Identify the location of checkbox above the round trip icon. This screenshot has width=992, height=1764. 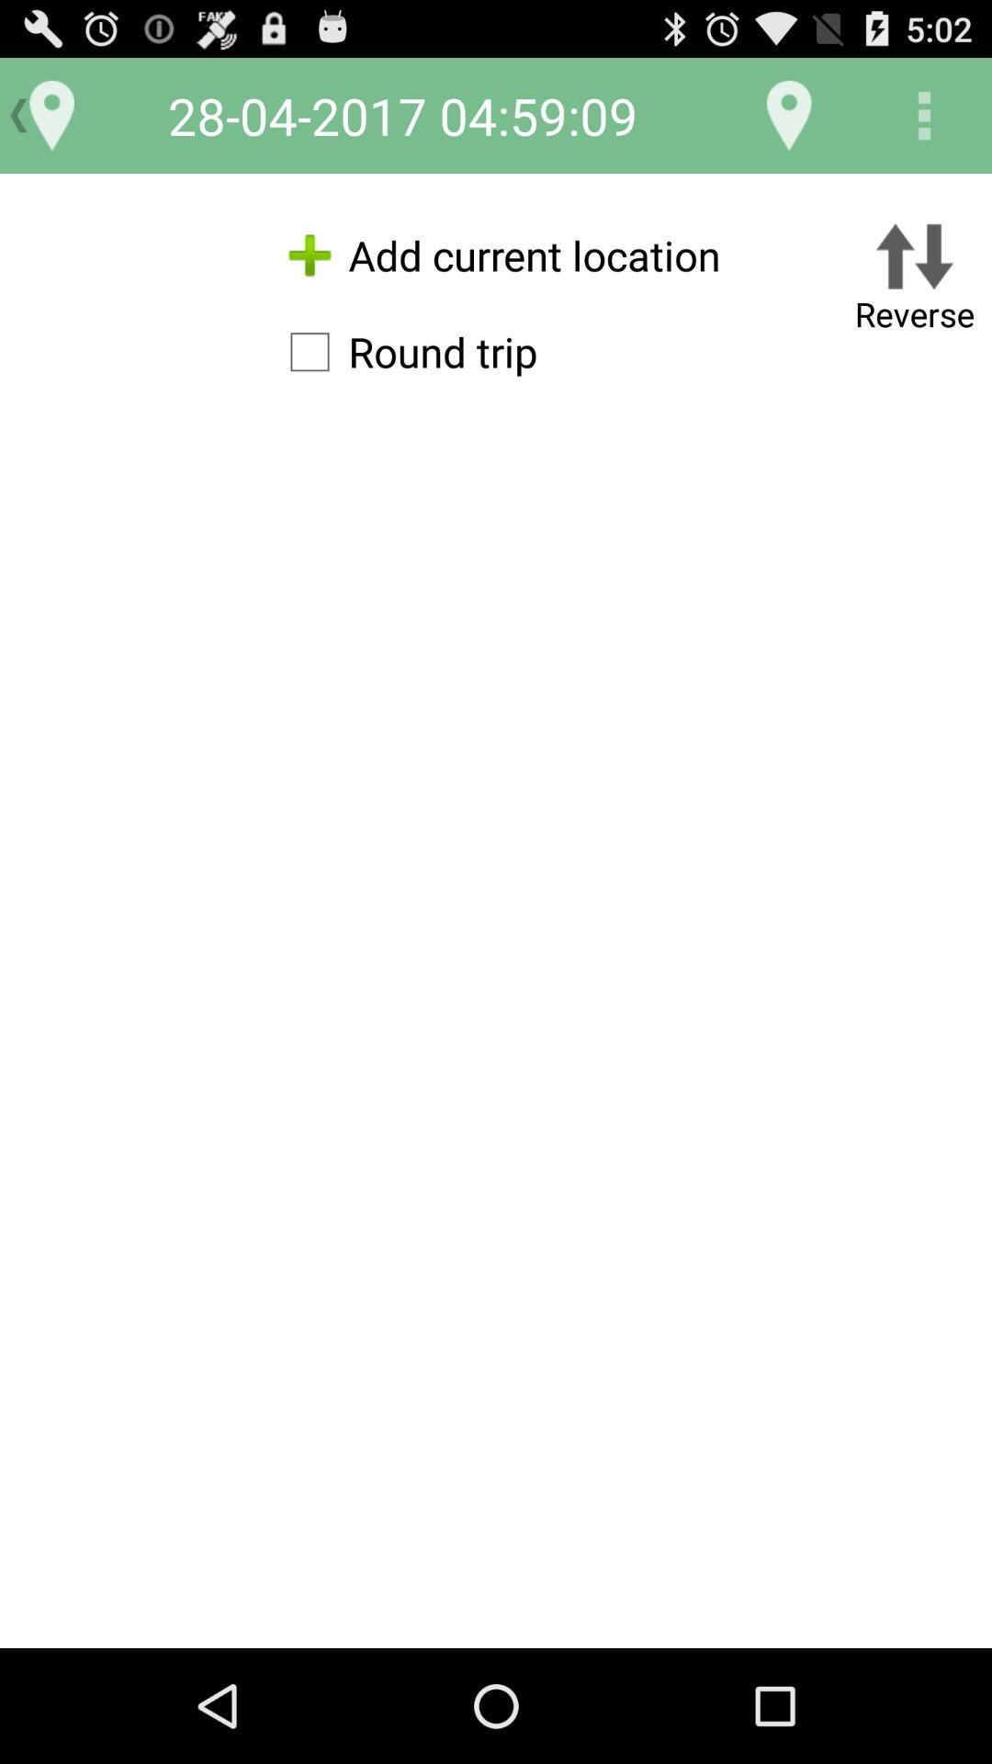
(496, 254).